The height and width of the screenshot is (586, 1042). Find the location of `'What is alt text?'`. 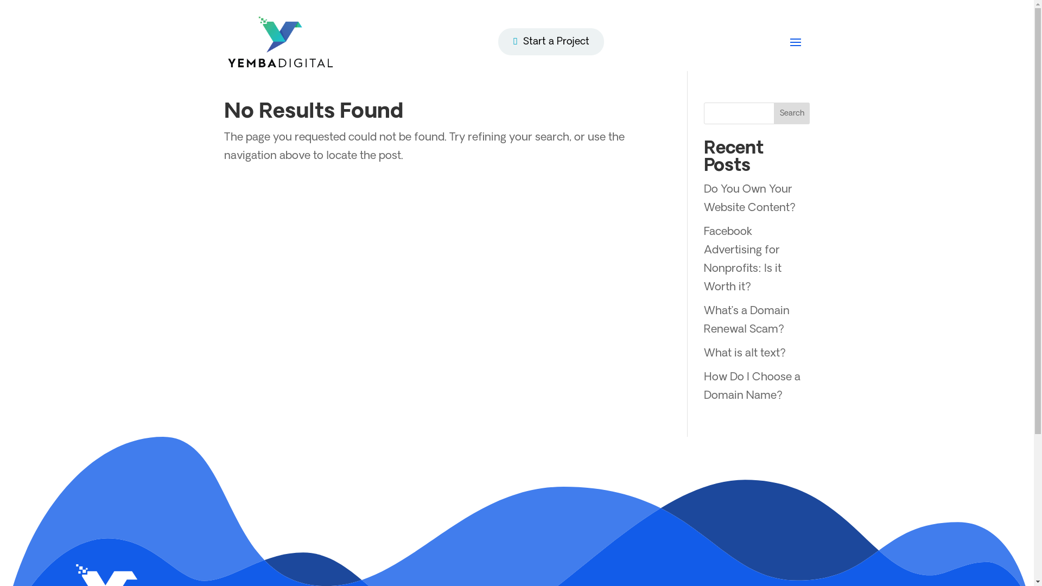

'What is alt text?' is located at coordinates (744, 353).